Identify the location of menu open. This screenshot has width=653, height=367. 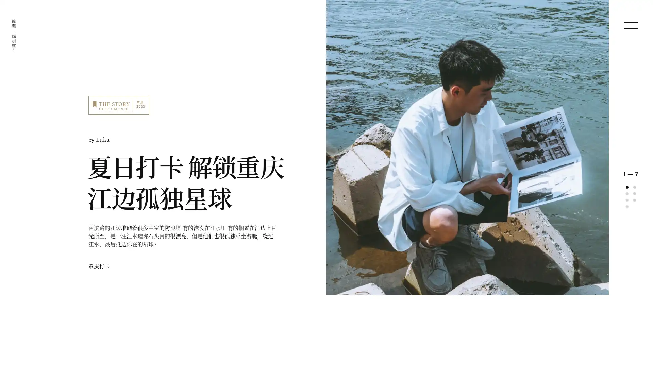
(630, 25).